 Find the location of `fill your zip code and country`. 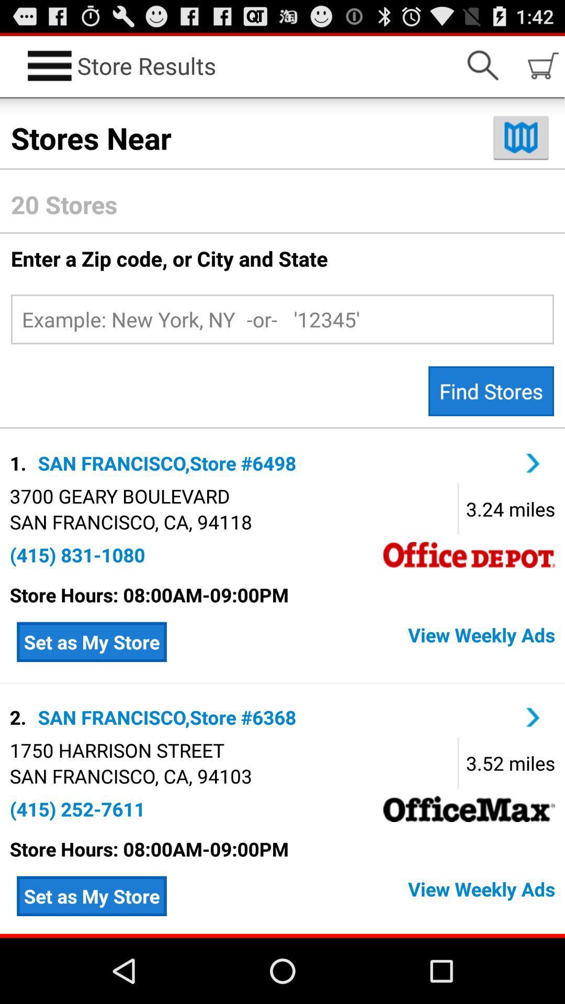

fill your zip code and country is located at coordinates (282, 318).